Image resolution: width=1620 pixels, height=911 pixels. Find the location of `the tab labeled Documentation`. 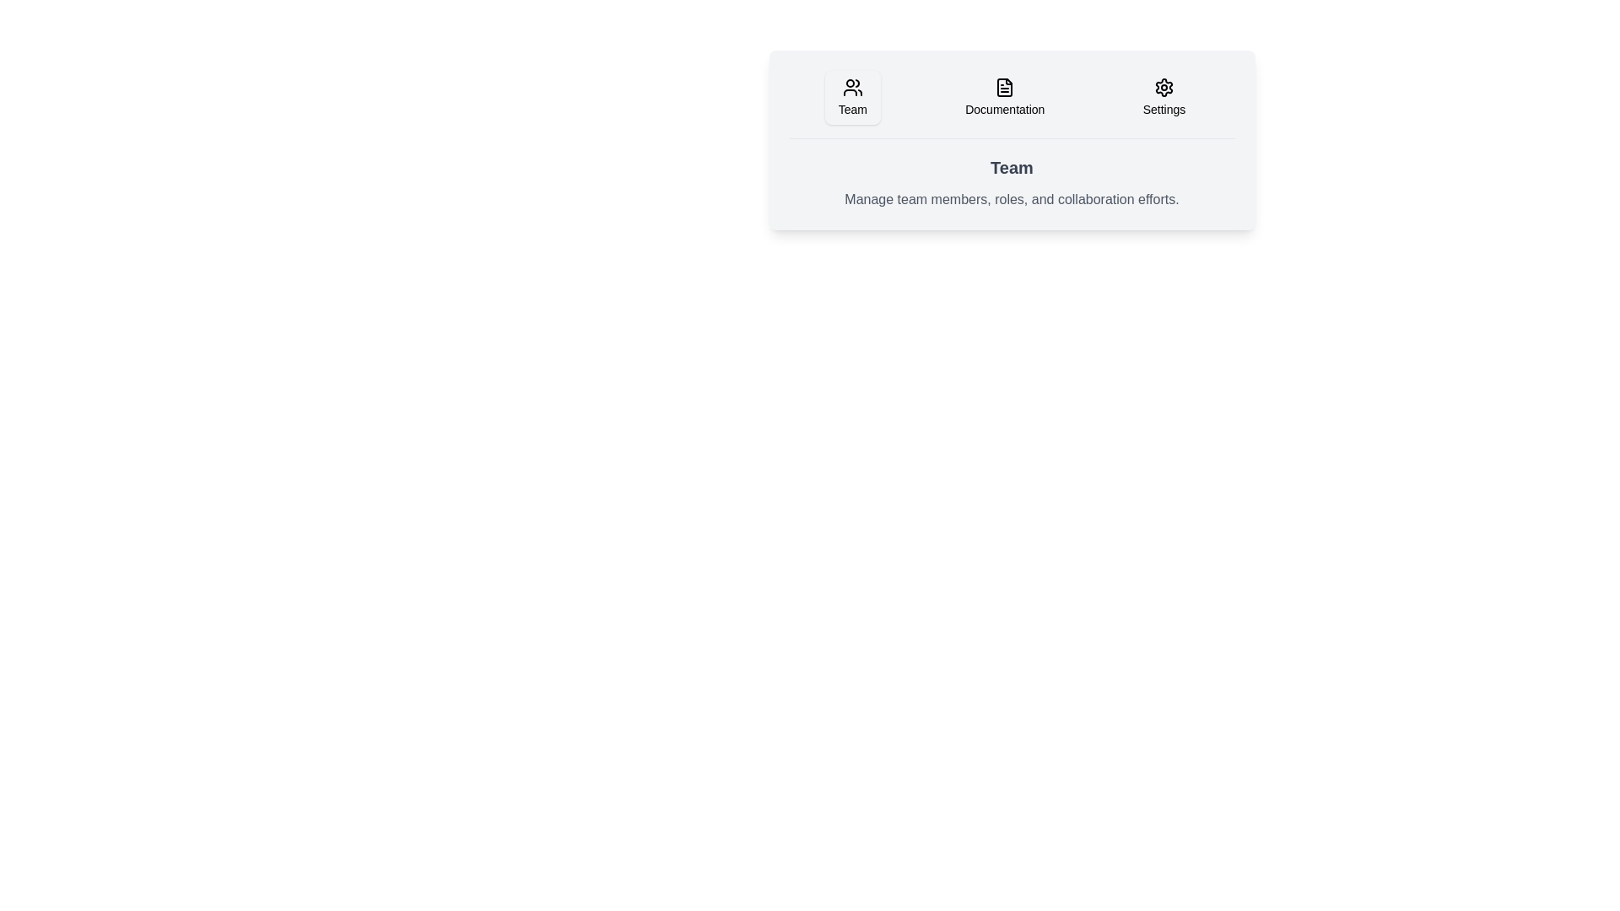

the tab labeled Documentation is located at coordinates (1005, 97).